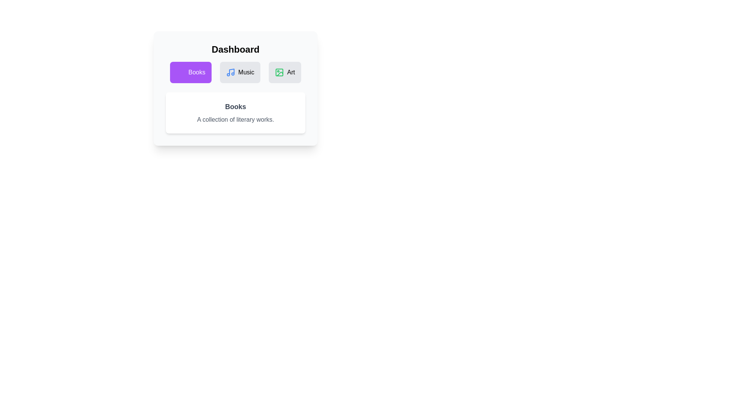 The image size is (732, 412). Describe the element at coordinates (235, 50) in the screenshot. I see `the header text 'Dashboard' to read it` at that location.